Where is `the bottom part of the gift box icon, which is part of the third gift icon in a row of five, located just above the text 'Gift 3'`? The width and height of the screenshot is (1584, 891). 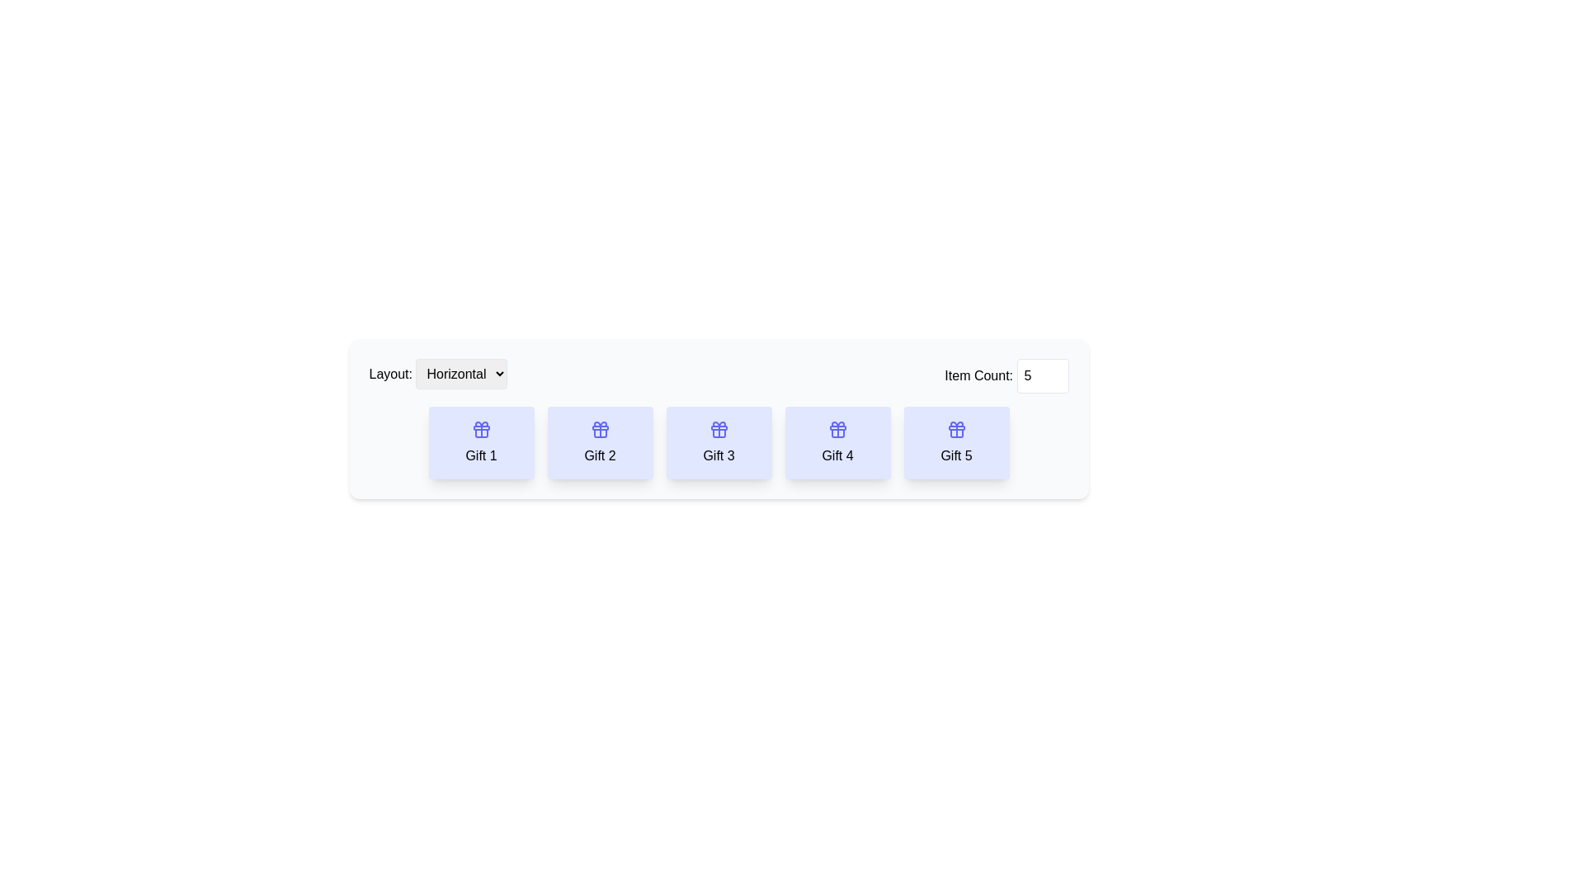
the bottom part of the gift box icon, which is part of the third gift icon in a row of five, located just above the text 'Gift 3' is located at coordinates (719, 432).